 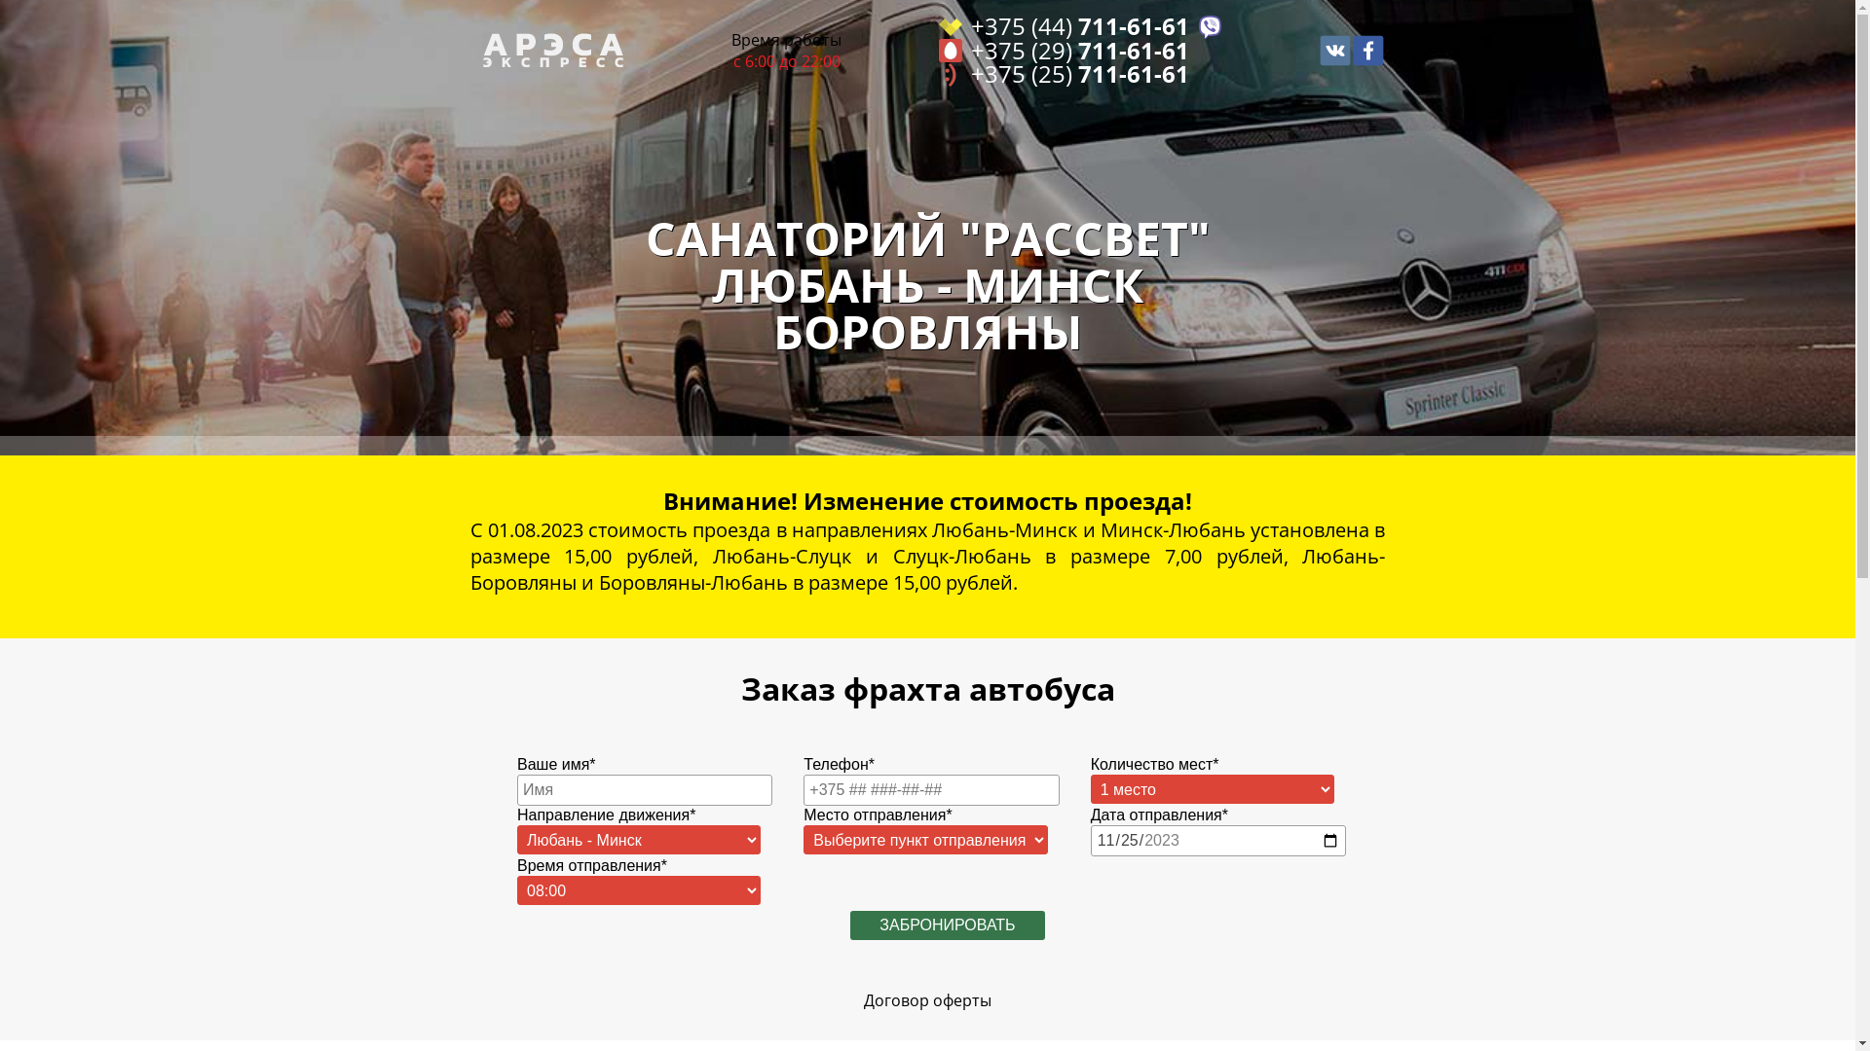 I want to click on '+375 (29) 711-61-61', so click(x=1079, y=50).